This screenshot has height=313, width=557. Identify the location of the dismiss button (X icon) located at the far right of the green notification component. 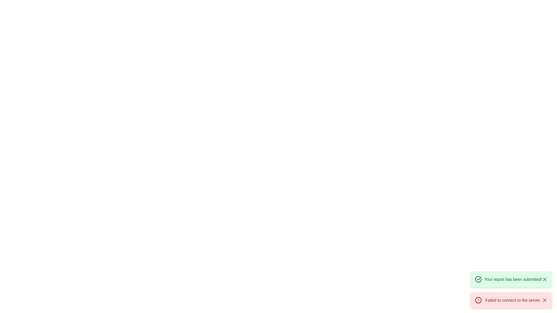
(544, 279).